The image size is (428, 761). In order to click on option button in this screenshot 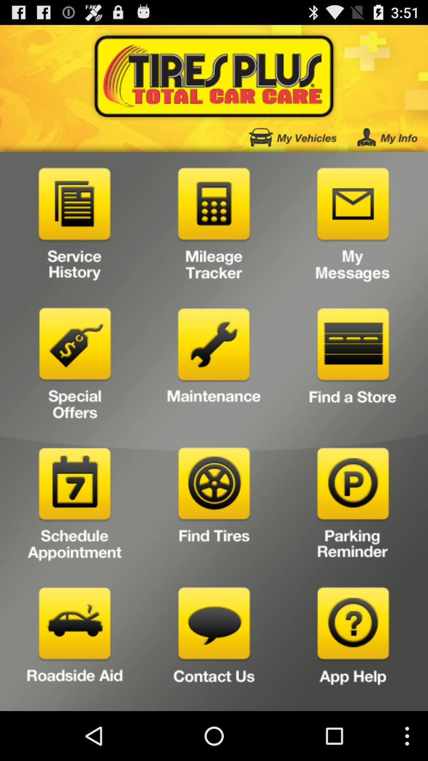, I will do `click(353, 506)`.